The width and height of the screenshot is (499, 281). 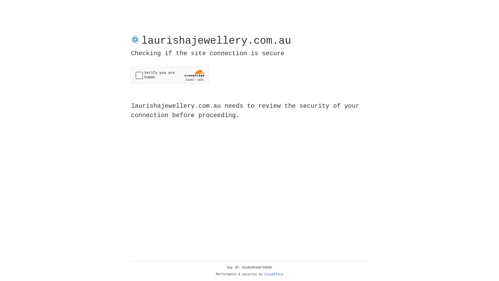 What do you see at coordinates (274, 274) in the screenshot?
I see `'Cloudflare'` at bounding box center [274, 274].